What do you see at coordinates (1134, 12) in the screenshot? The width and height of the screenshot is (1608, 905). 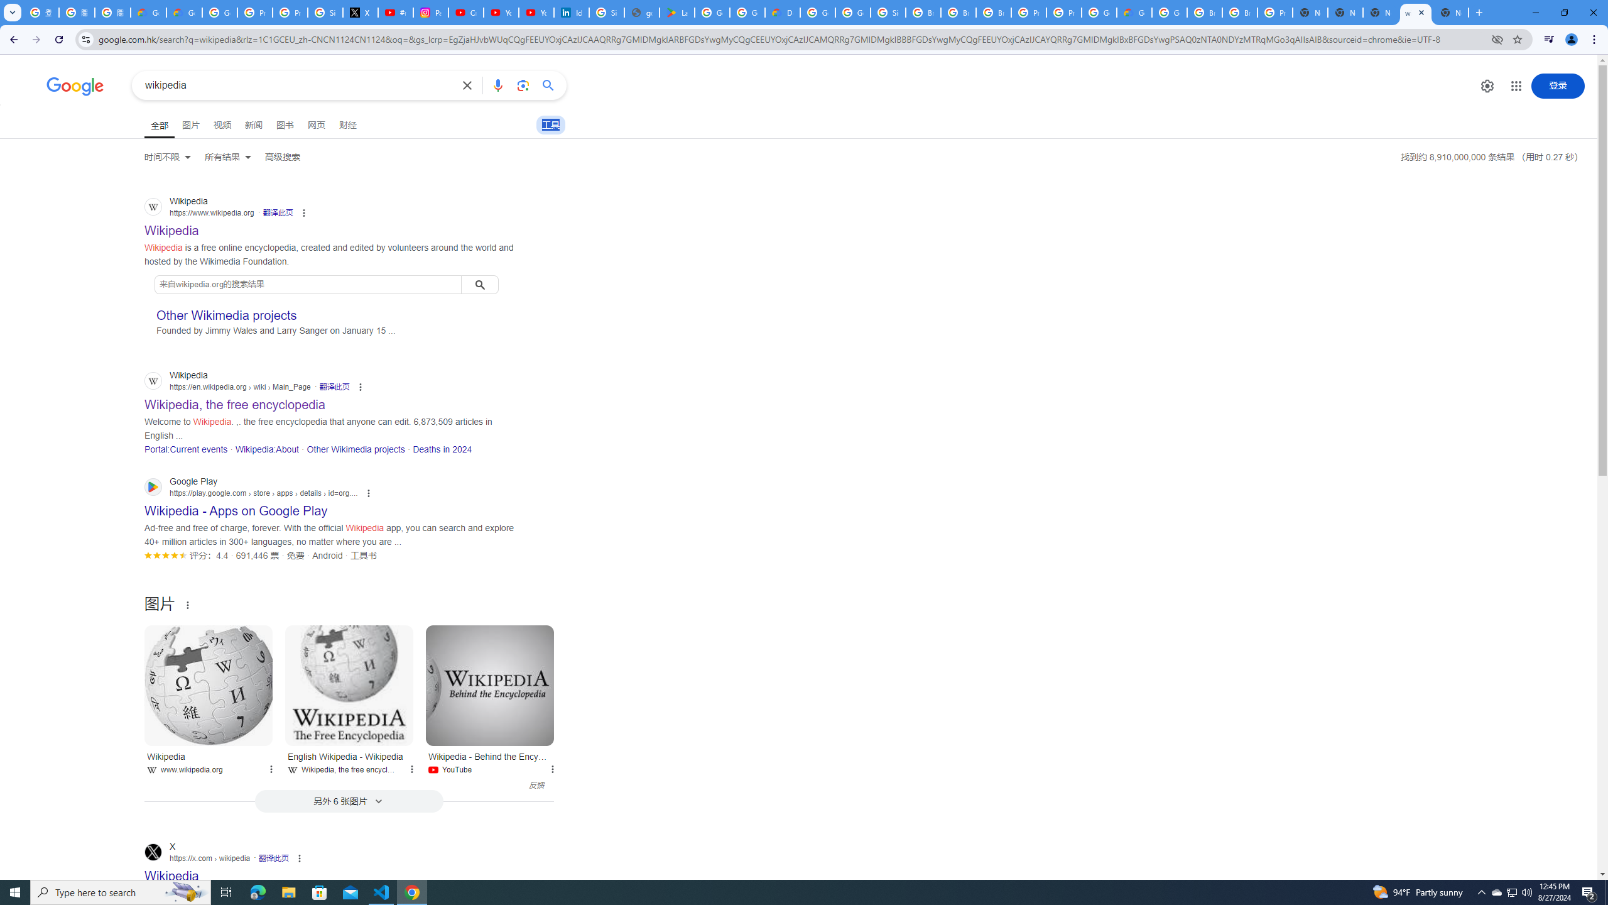 I see `'Google Cloud Estimate Summary'` at bounding box center [1134, 12].